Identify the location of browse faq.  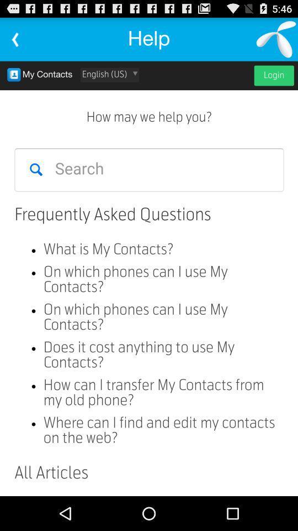
(149, 278).